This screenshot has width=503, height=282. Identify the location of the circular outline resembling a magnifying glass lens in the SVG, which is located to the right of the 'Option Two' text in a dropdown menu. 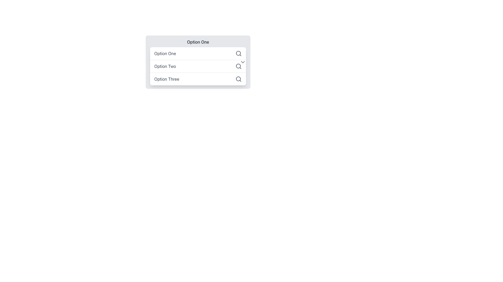
(238, 66).